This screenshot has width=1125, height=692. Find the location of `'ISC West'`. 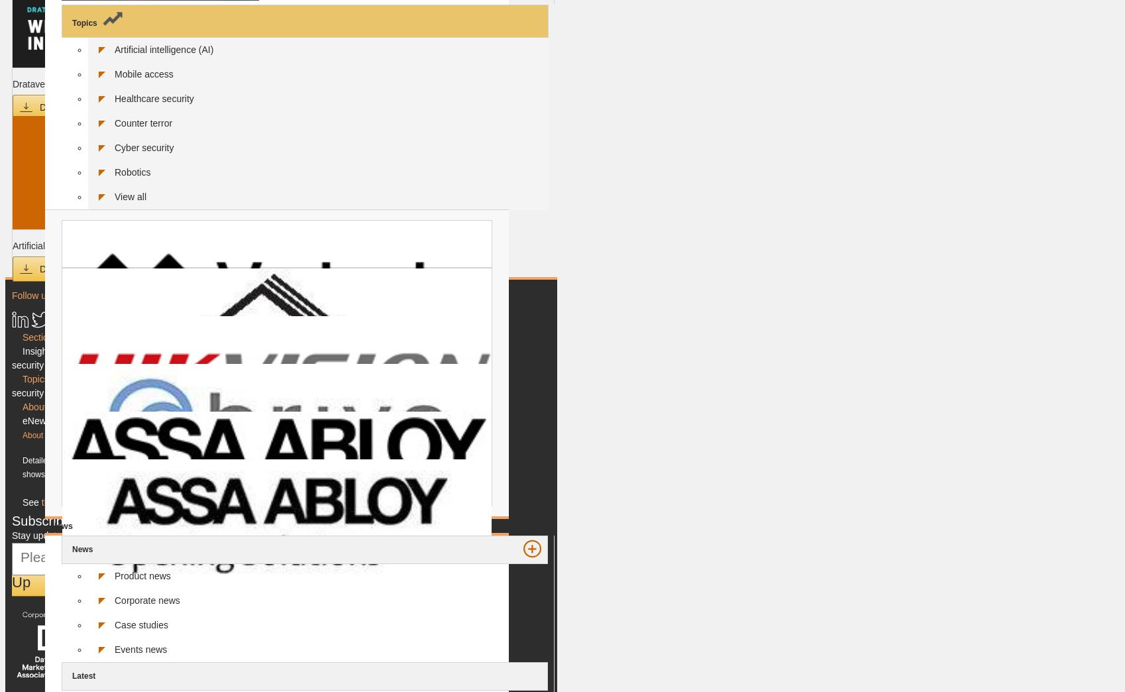

'ISC West' is located at coordinates (133, 392).